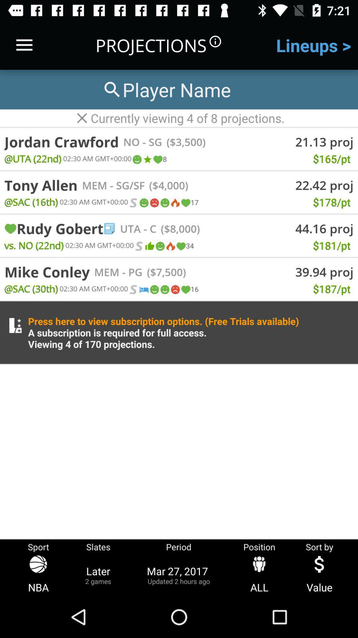  What do you see at coordinates (24, 45) in the screenshot?
I see `item next to the projections item` at bounding box center [24, 45].